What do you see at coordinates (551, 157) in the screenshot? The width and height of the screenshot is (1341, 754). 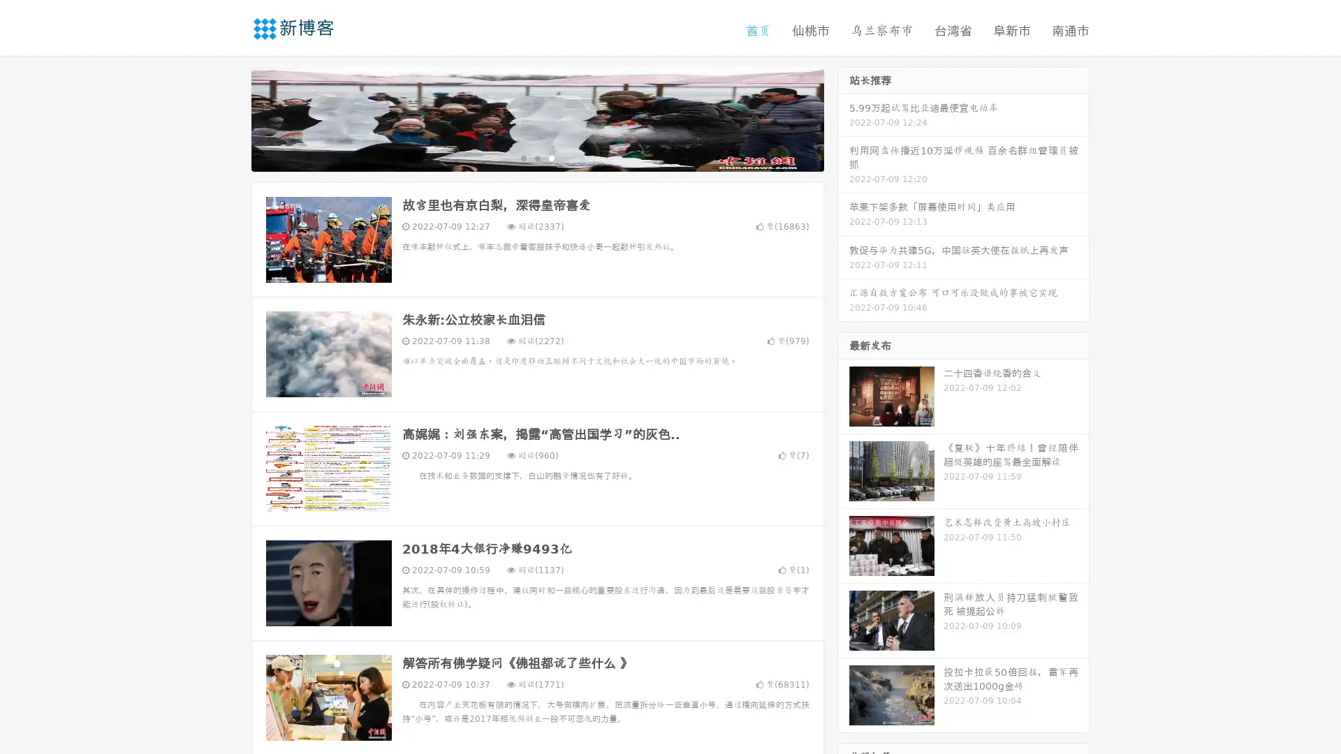 I see `Go to slide 3` at bounding box center [551, 157].